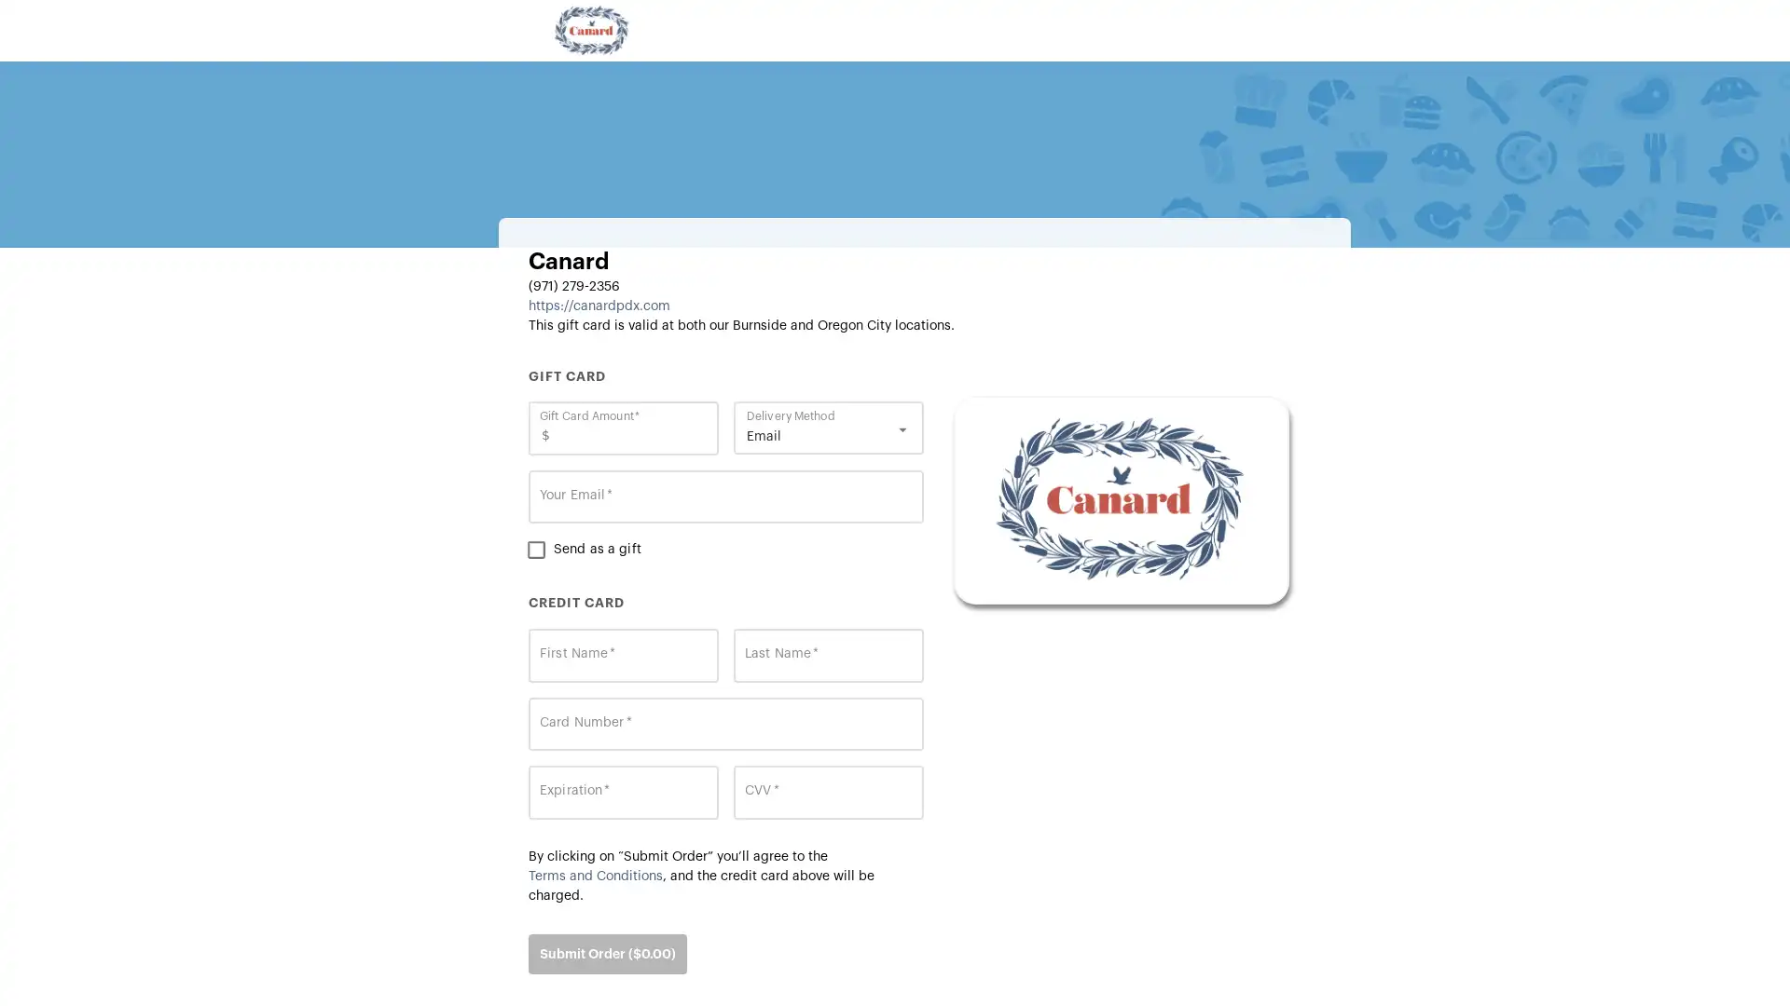 This screenshot has width=1790, height=1006. I want to click on Email, so click(833, 436).